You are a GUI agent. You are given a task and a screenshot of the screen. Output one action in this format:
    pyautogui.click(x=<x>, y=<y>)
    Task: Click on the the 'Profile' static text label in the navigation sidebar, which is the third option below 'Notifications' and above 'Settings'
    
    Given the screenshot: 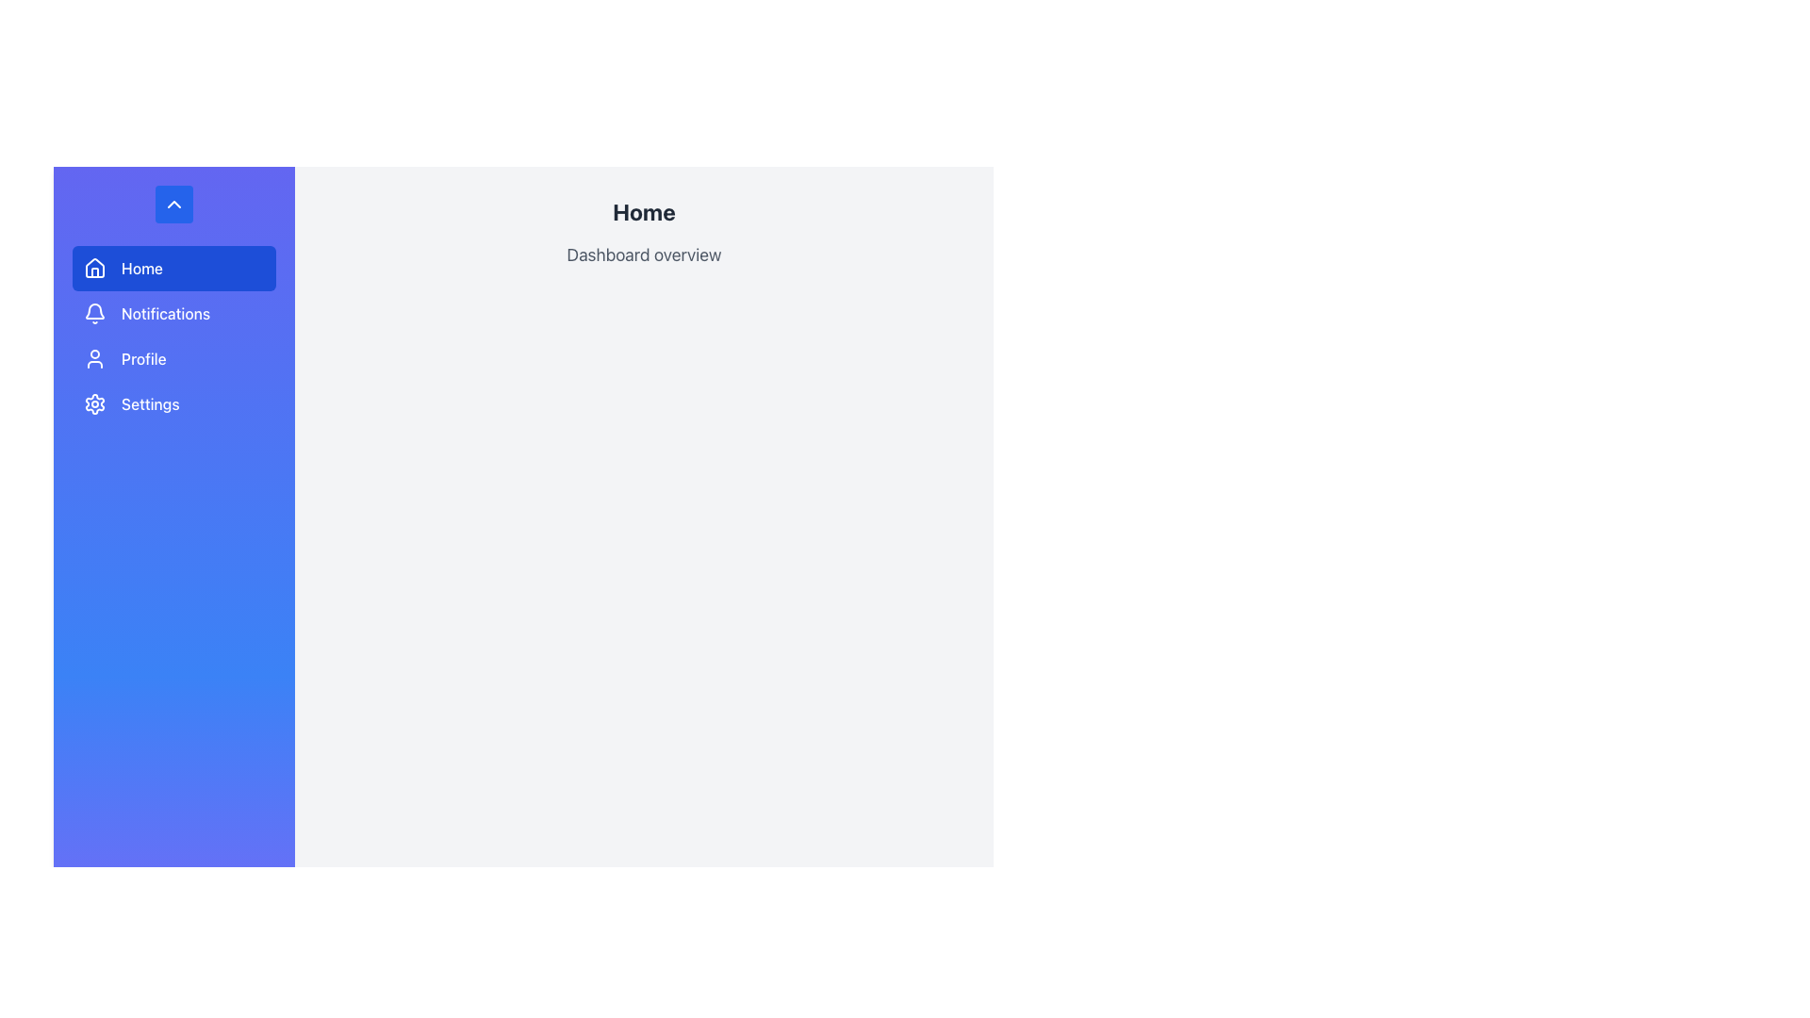 What is the action you would take?
    pyautogui.click(x=142, y=359)
    